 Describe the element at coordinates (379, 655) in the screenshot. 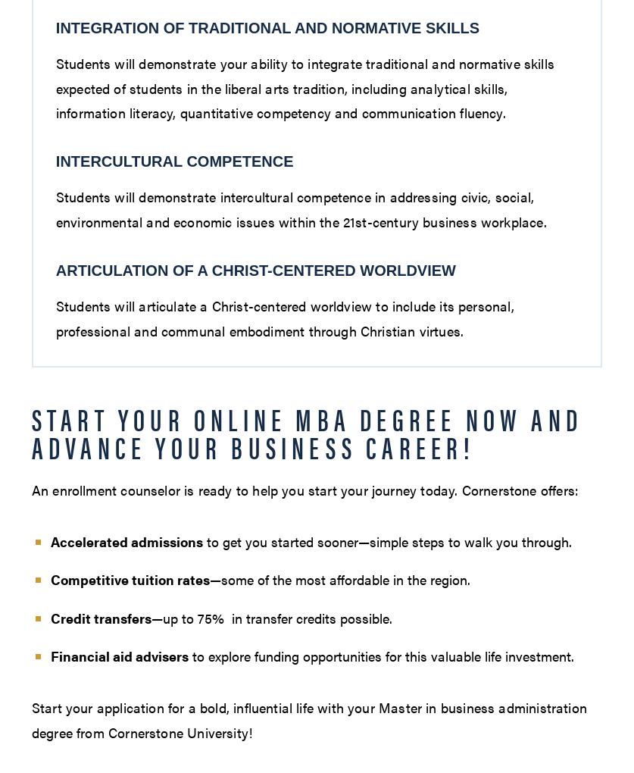

I see `'to explore funding opportunities for this valuable life investment.'` at that location.